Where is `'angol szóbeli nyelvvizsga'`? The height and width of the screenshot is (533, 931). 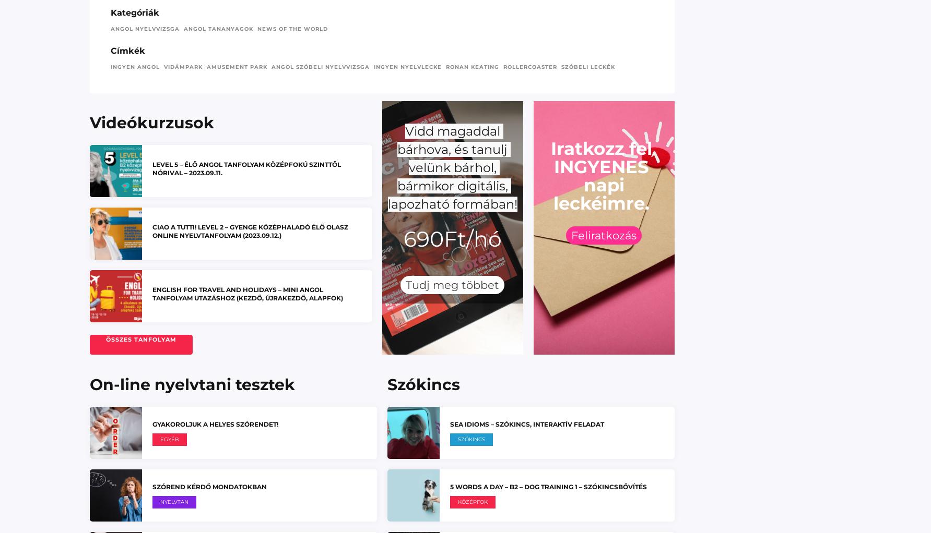 'angol szóbeli nyelvvizsga' is located at coordinates (320, 66).